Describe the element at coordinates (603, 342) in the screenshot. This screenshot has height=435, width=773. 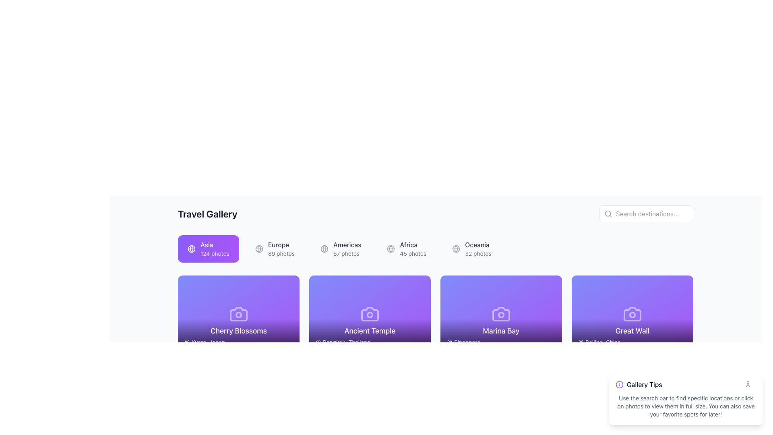
I see `the text label displaying 'Beijing, China' which is located at the bottom-center of the 'Great Wall' card with a purple background` at that location.